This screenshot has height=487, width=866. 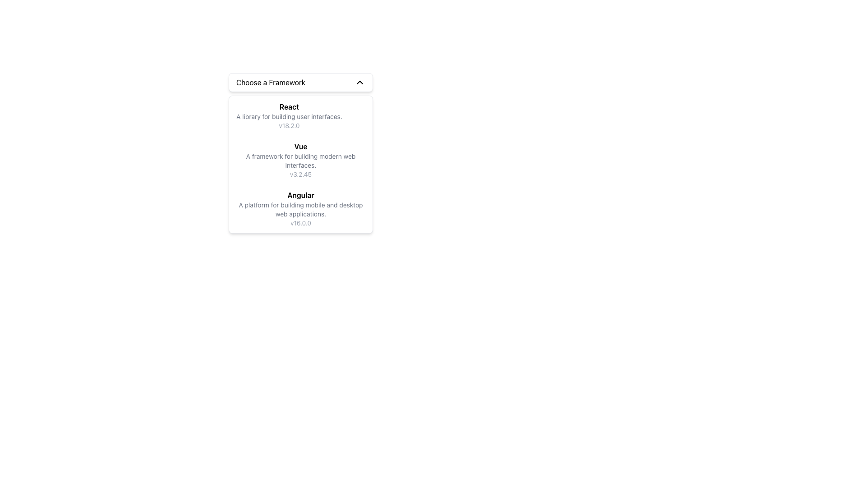 I want to click on a list item contained within the Dropdown Panel located underneath the 'Choose a Framework' dropdown trigger, so click(x=301, y=165).